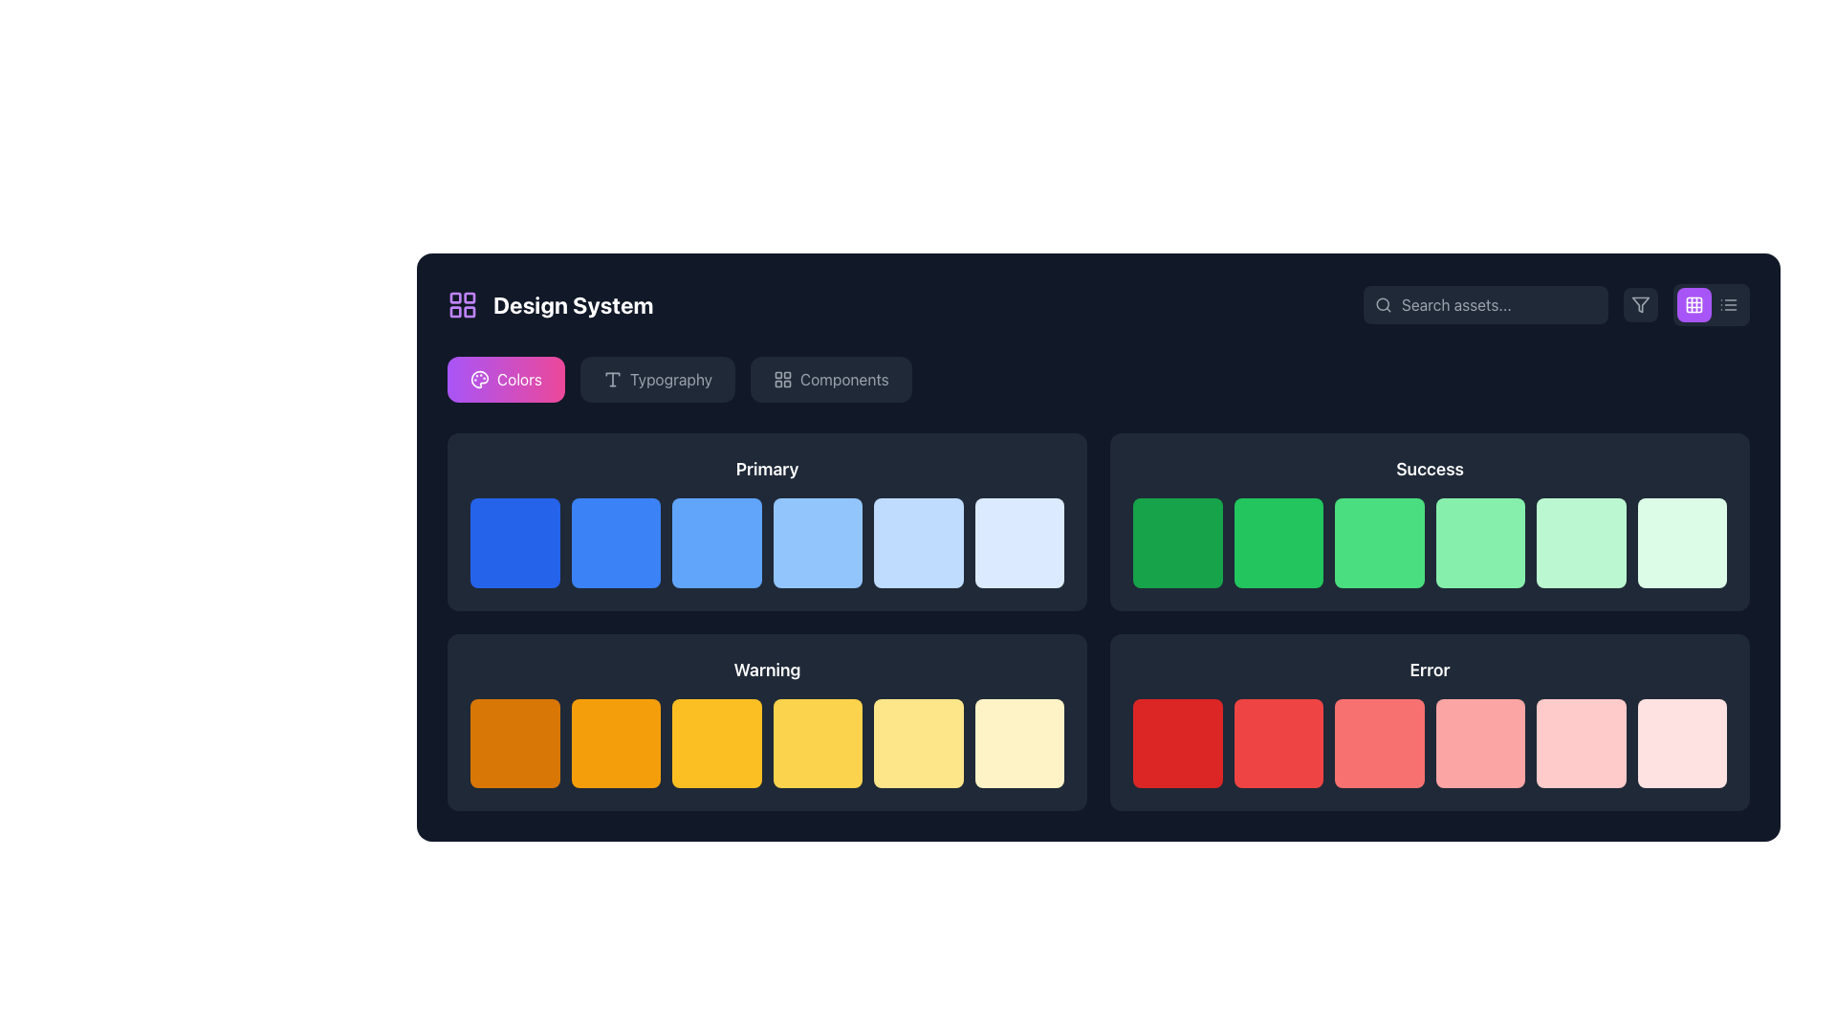 The height and width of the screenshot is (1033, 1836). What do you see at coordinates (506, 380) in the screenshot?
I see `the 'Colors' button, which is a rounded rectangular button with a gradient background from purple to pink, featuring a palette icon and white text, located under the 'Design System' heading` at bounding box center [506, 380].